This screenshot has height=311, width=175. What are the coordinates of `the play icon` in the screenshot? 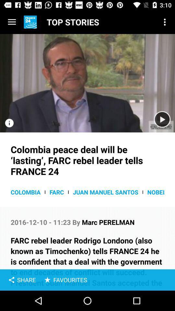 It's located at (162, 119).